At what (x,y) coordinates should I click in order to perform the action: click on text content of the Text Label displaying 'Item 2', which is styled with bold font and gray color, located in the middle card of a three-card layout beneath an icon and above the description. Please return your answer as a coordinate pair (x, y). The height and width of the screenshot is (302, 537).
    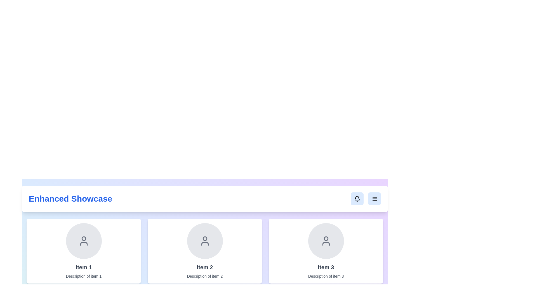
    Looking at the image, I should click on (204, 267).